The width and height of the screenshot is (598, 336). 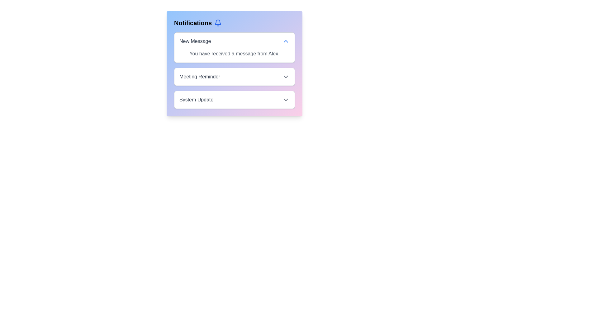 I want to click on the text label displaying 'System Update' in bold, gray font, located within a white notification item under the 'Meeting Reminder' notification, so click(x=196, y=99).